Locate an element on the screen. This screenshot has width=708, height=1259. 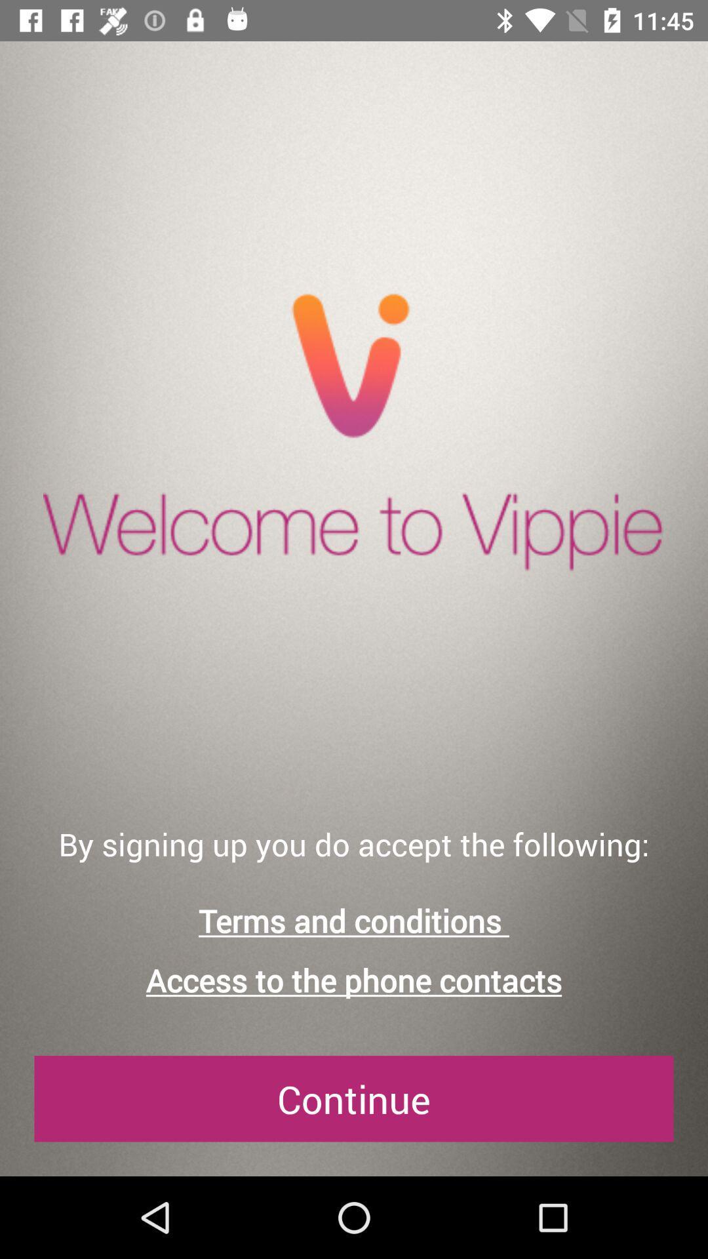
access to the item is located at coordinates (354, 980).